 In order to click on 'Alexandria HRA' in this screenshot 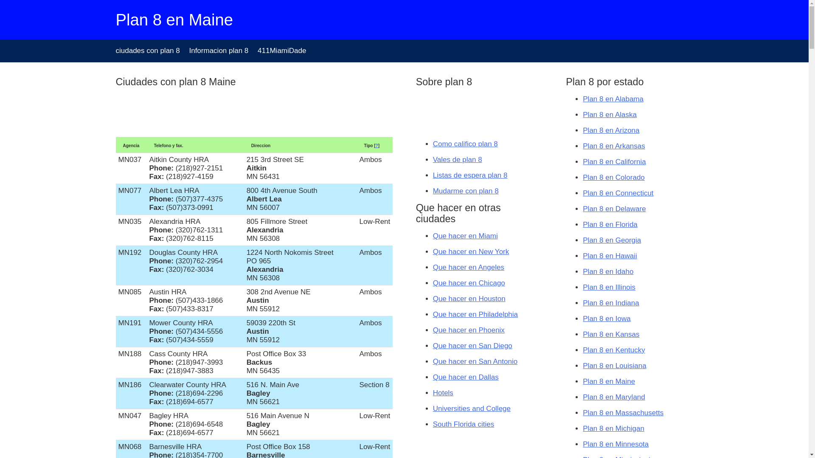, I will do `click(149, 221)`.